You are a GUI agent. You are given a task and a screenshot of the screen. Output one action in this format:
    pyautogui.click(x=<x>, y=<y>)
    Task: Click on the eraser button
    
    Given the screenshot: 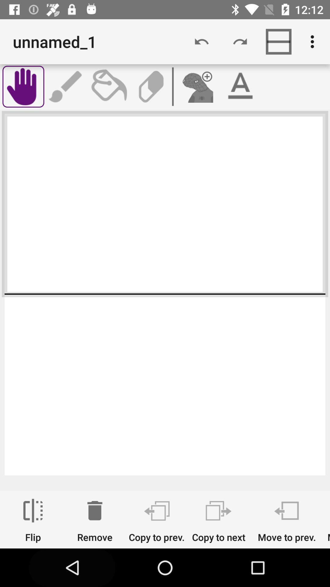 What is the action you would take?
    pyautogui.click(x=151, y=86)
    